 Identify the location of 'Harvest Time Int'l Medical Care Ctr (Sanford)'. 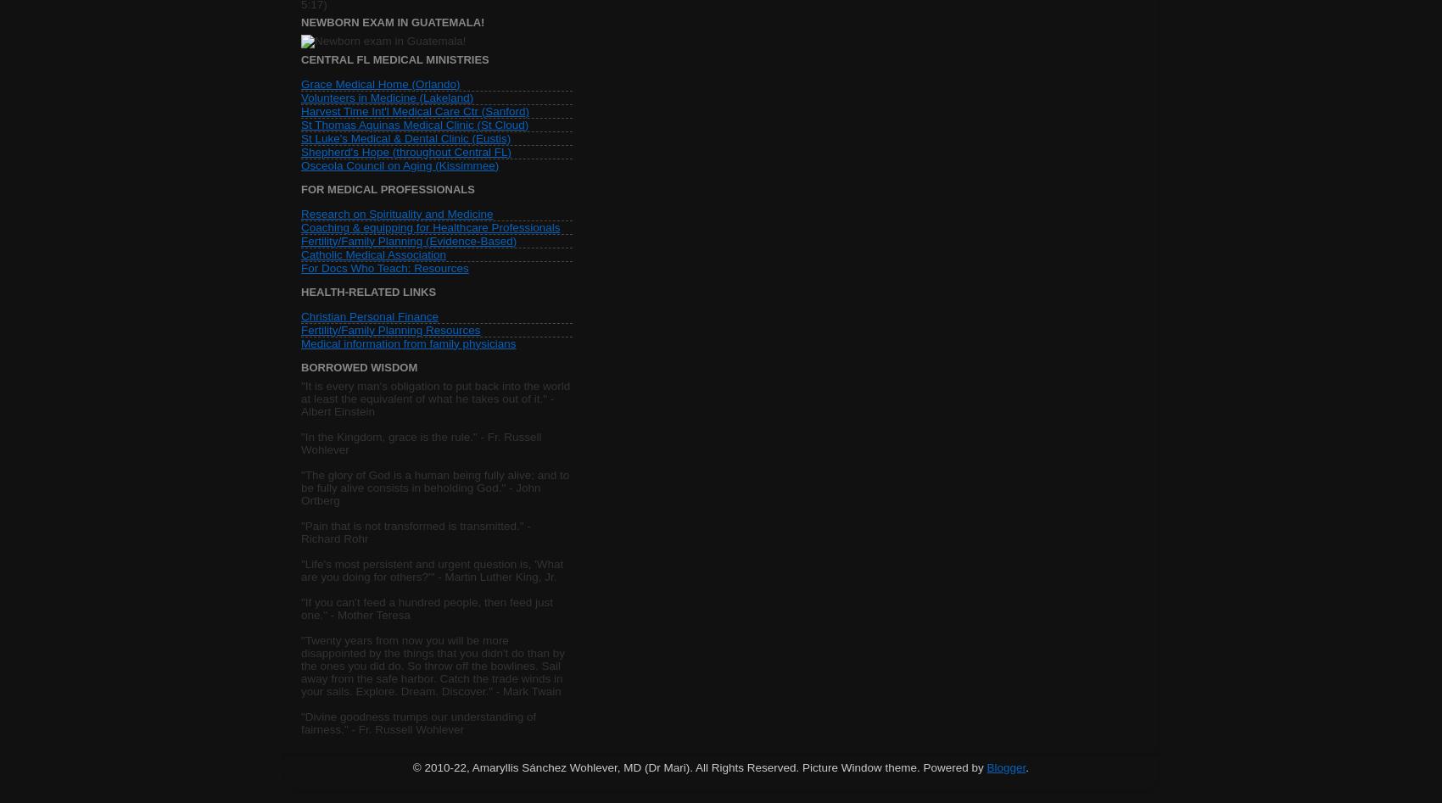
(414, 109).